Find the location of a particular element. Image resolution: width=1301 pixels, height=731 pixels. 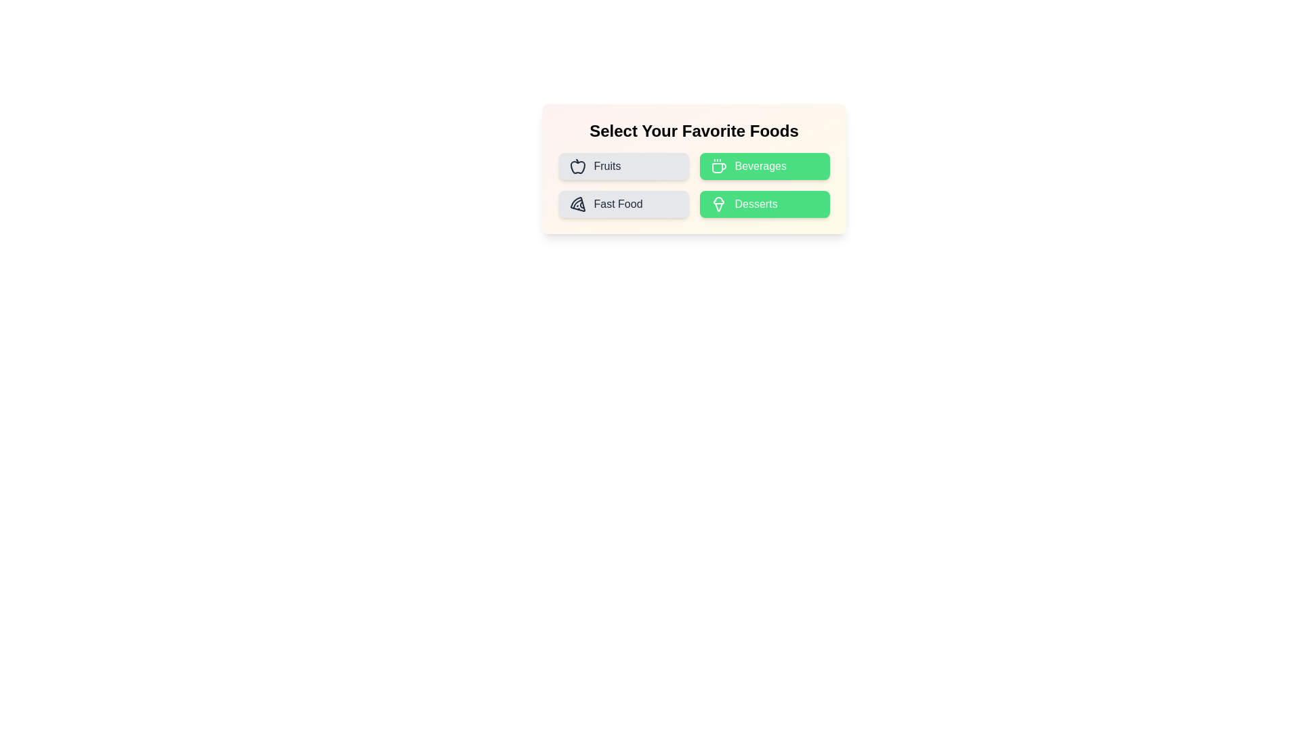

the food category Beverages by clicking its corresponding button is located at coordinates (764, 166).